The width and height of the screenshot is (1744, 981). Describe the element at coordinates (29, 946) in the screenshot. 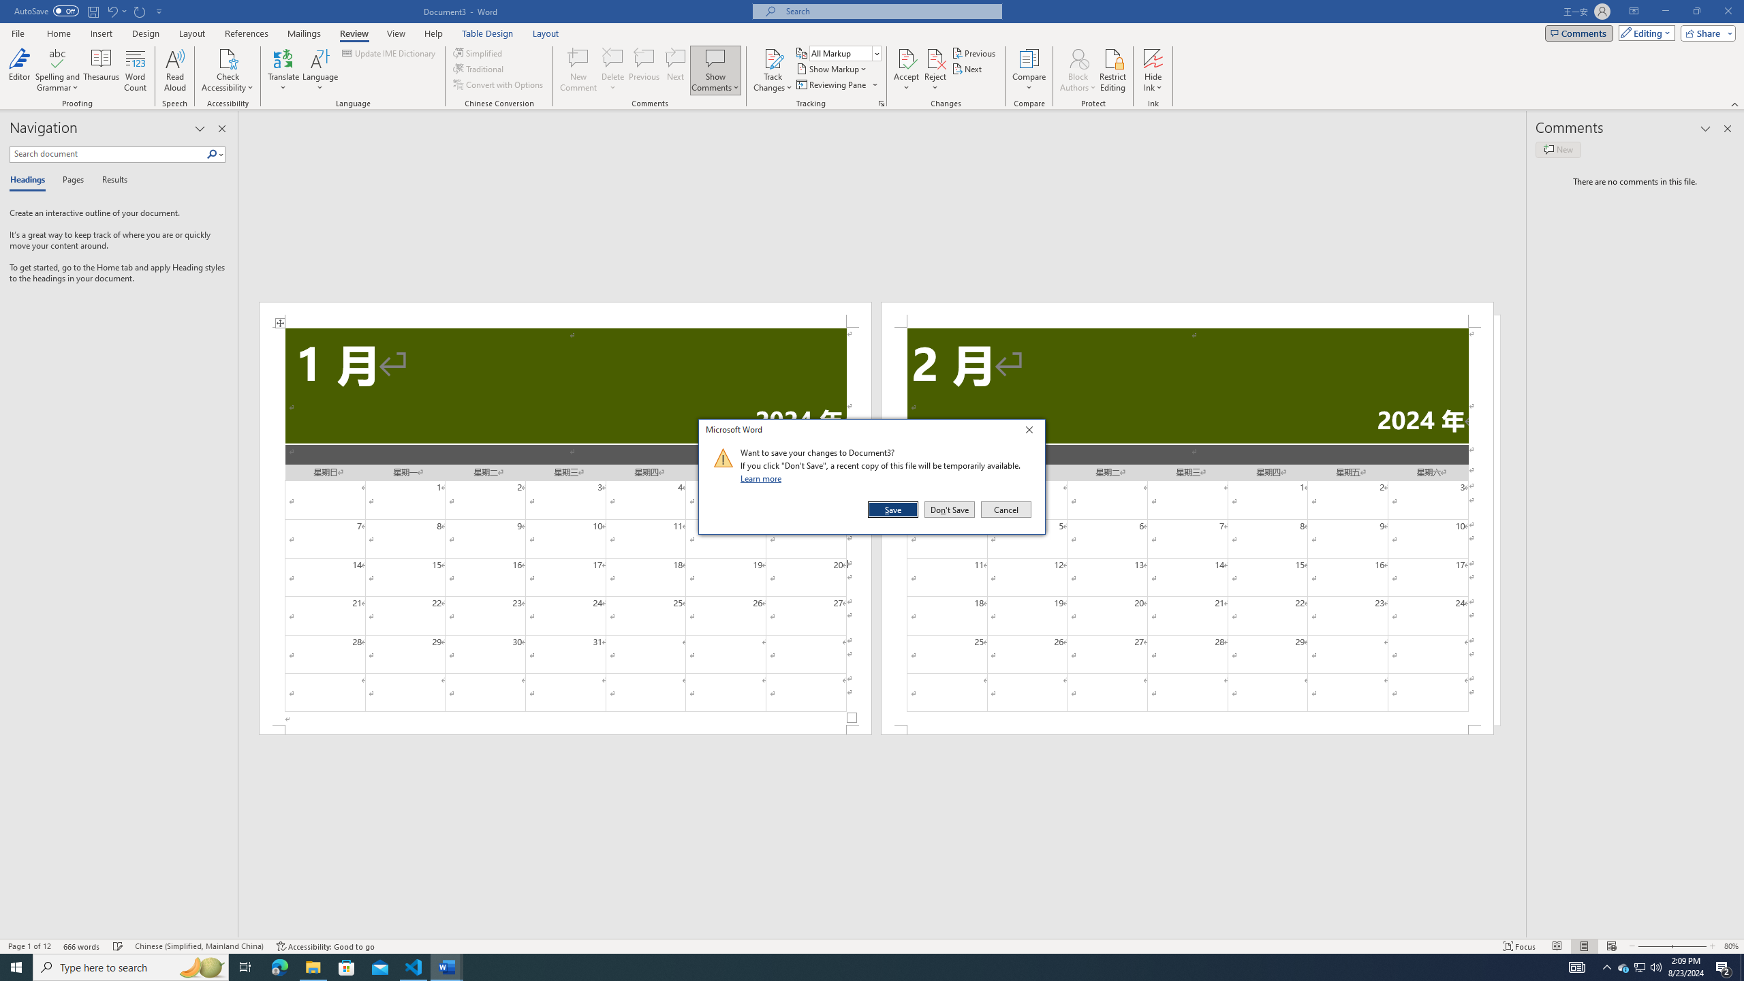

I see `'Page Number Page 1 of 12'` at that location.